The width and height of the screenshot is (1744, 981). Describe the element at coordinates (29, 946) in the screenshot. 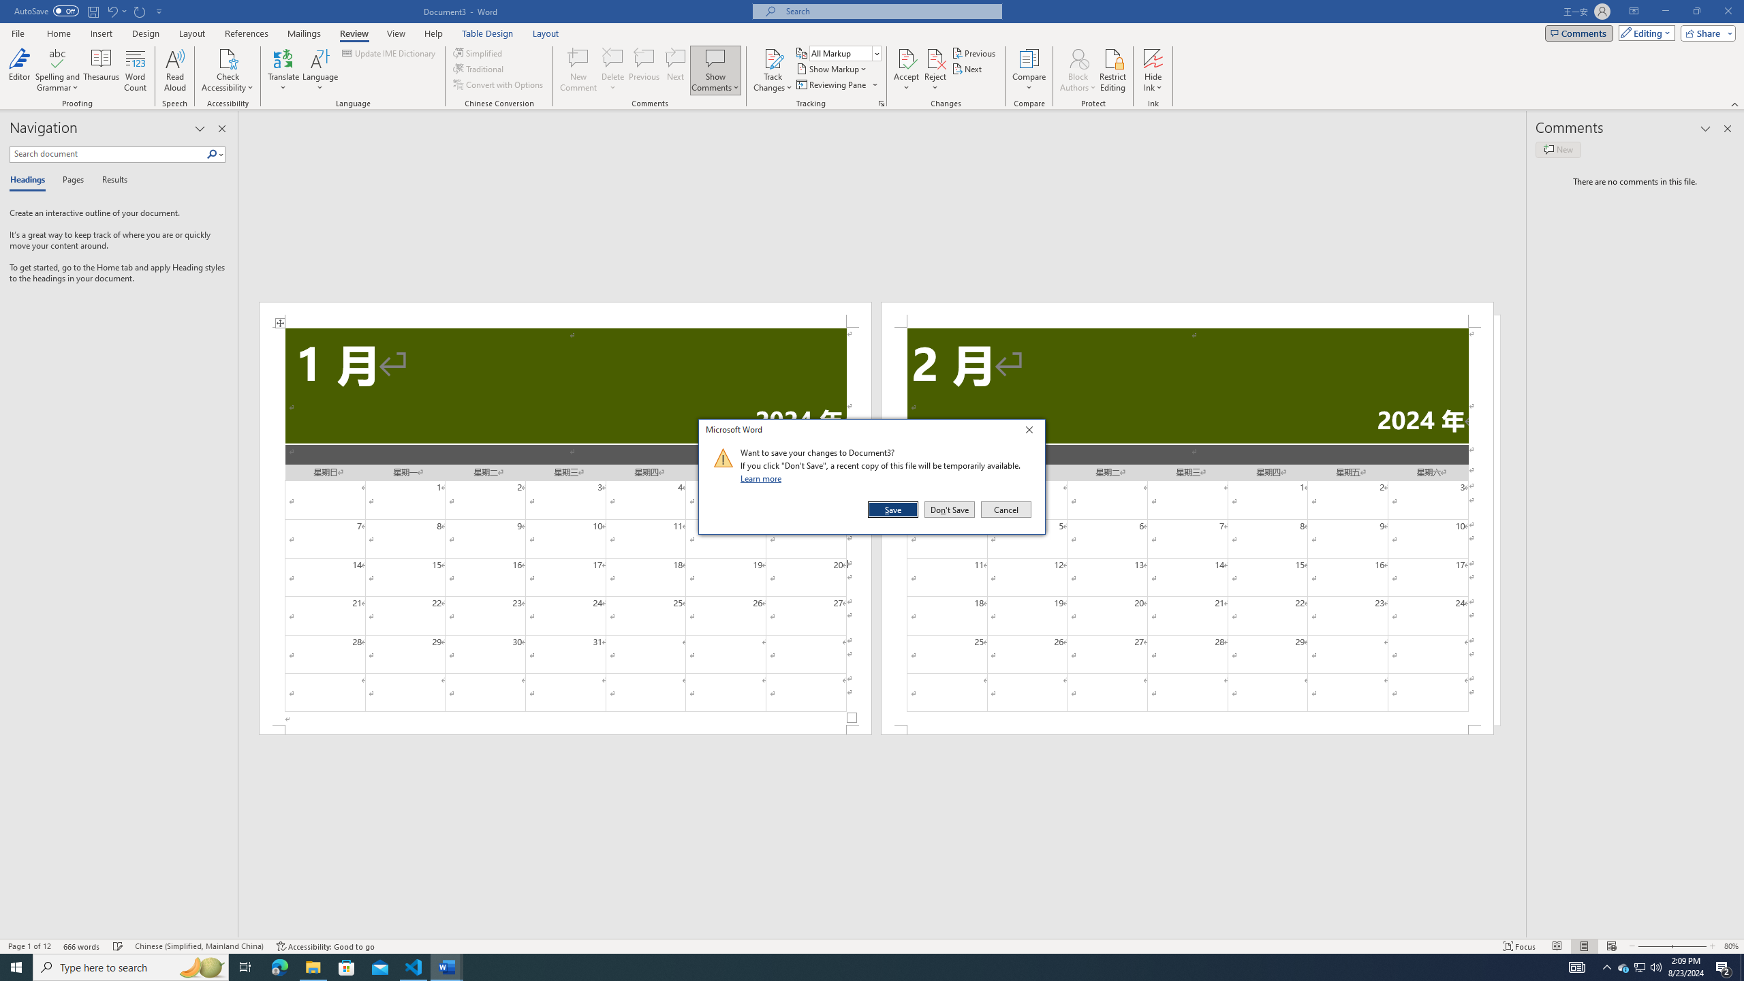

I see `'Page Number Page 1 of 12'` at that location.